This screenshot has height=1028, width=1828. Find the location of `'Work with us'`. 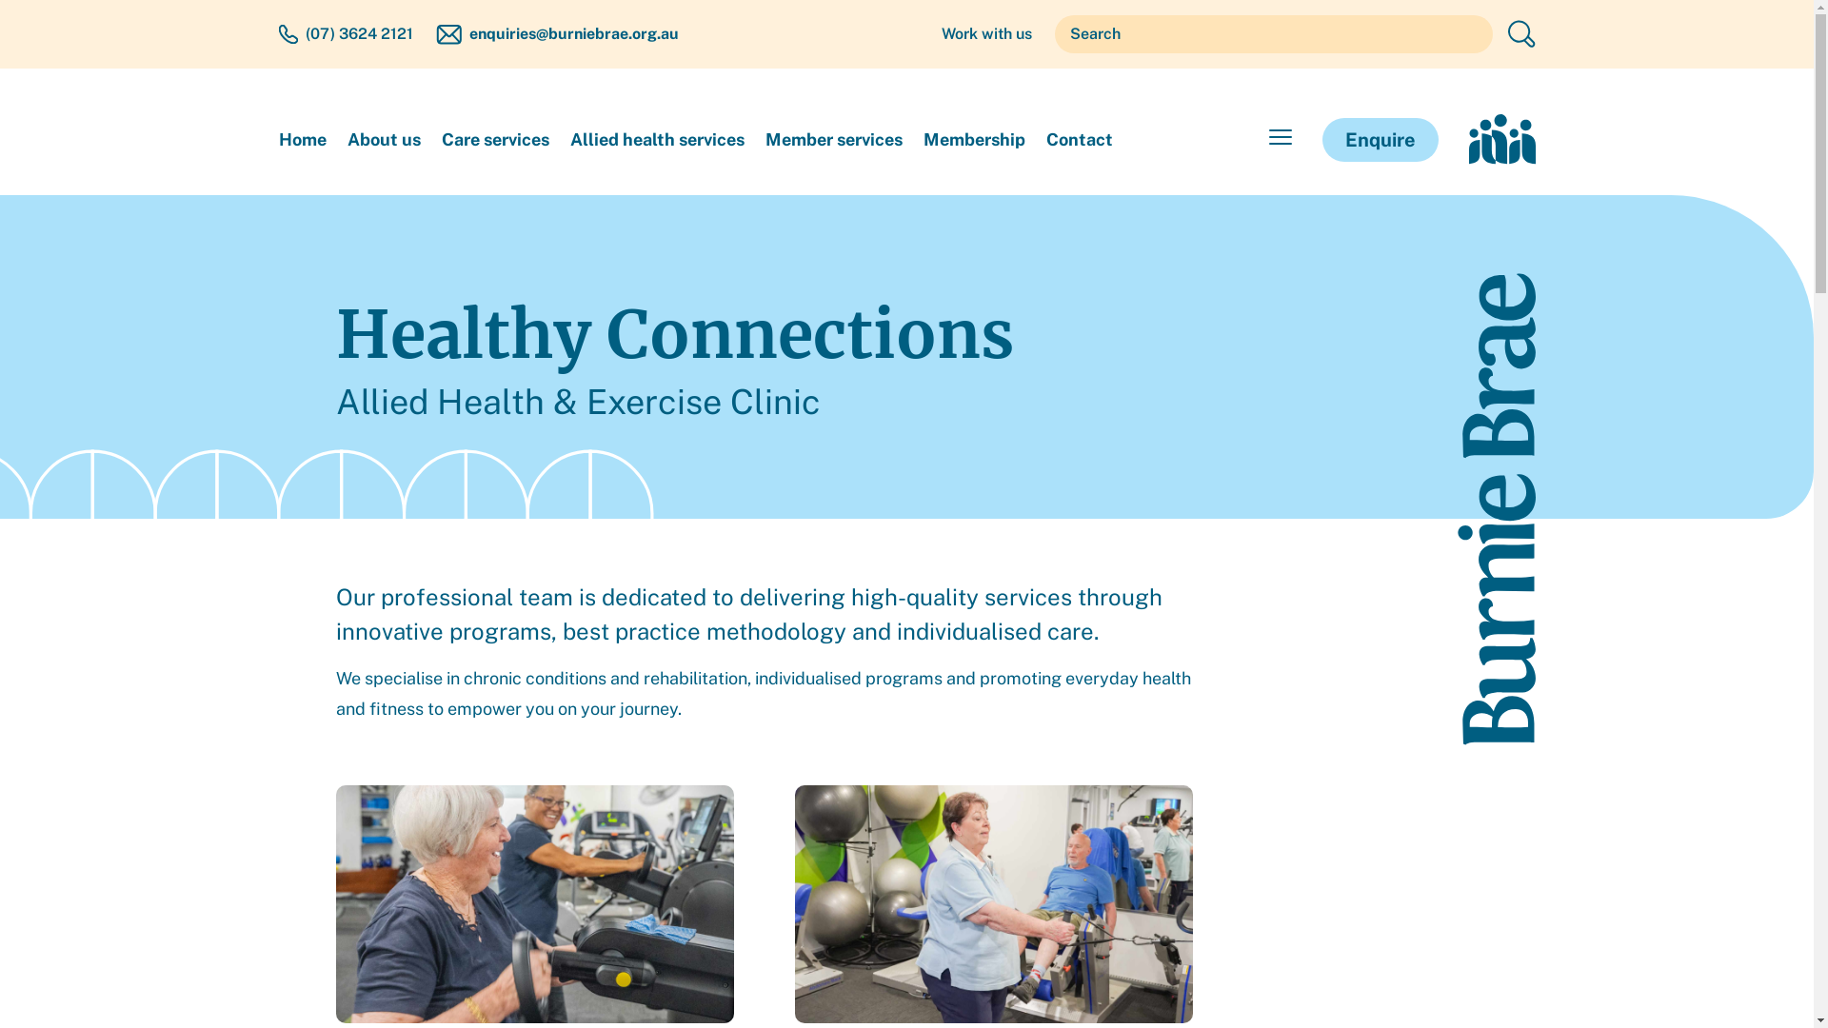

'Work with us' is located at coordinates (941, 33).